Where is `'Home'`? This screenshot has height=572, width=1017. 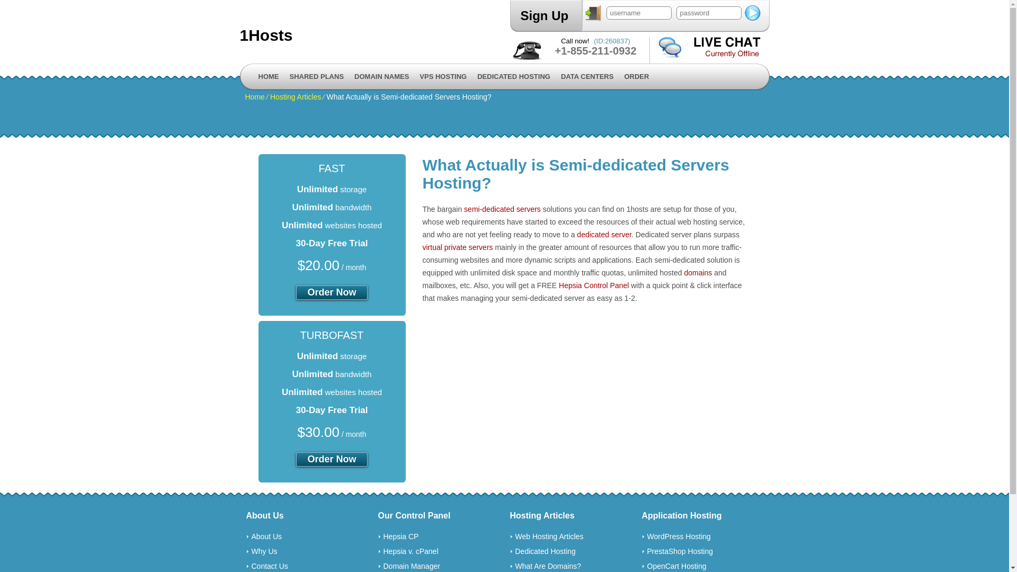
'Home' is located at coordinates (254, 96).